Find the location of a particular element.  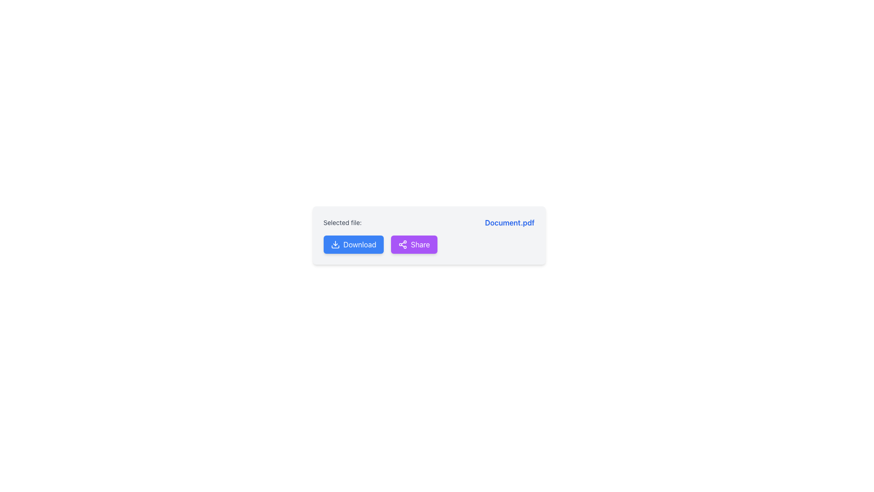

the prominent blue 'Download' button with rounded corners is located at coordinates (353, 244).